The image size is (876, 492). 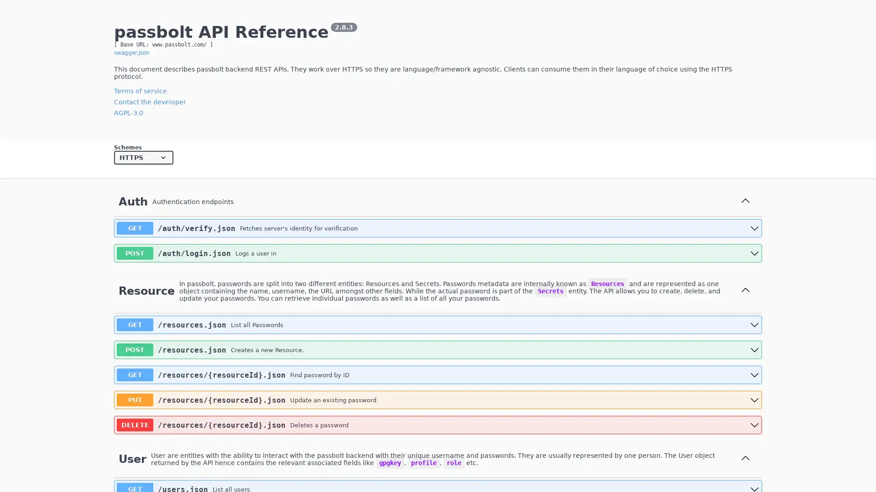 What do you see at coordinates (745, 291) in the screenshot?
I see `Collapse operation` at bounding box center [745, 291].